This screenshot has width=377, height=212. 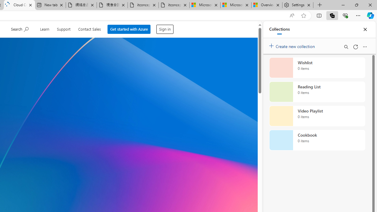 I want to click on 'Get started with Azure', so click(x=130, y=29).